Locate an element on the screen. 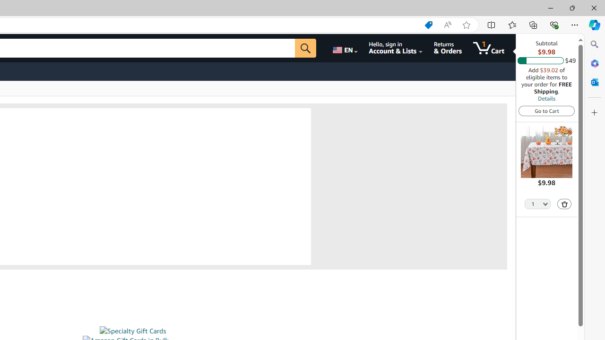 Image resolution: width=605 pixels, height=340 pixels. 'Details' is located at coordinates (546, 98).